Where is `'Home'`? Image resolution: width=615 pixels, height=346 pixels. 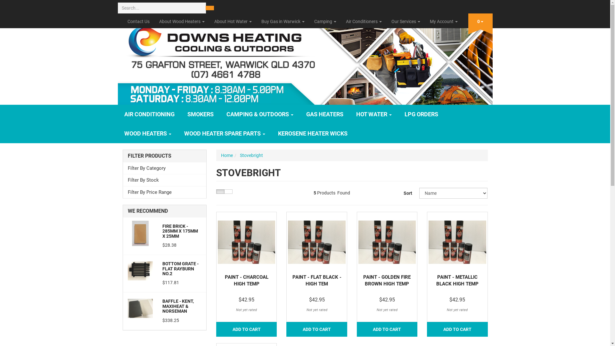 'Home' is located at coordinates (227, 155).